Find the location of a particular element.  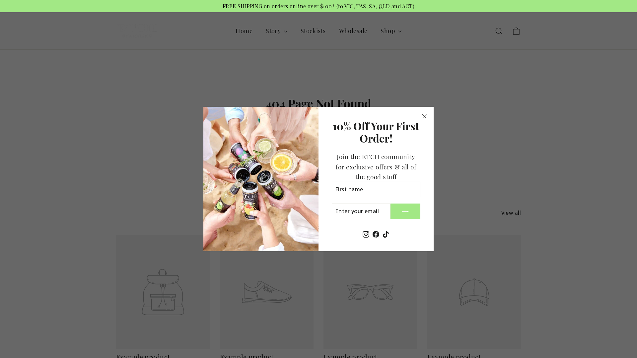

'Wholesale' is located at coordinates (353, 31).